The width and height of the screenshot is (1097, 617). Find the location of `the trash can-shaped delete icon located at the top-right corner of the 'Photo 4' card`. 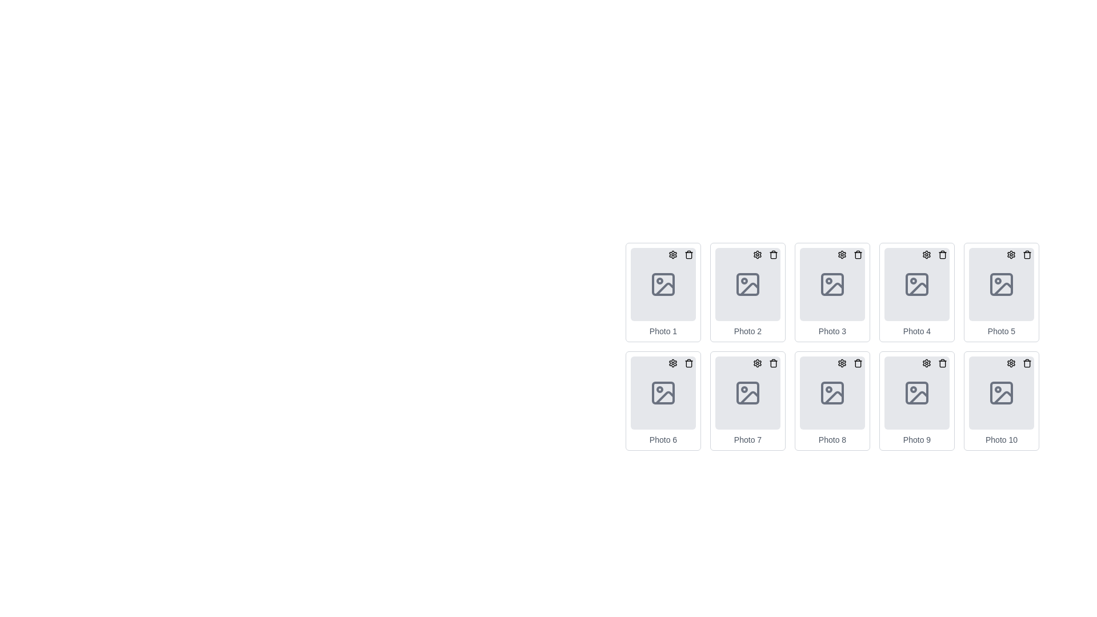

the trash can-shaped delete icon located at the top-right corner of the 'Photo 4' card is located at coordinates (943, 254).